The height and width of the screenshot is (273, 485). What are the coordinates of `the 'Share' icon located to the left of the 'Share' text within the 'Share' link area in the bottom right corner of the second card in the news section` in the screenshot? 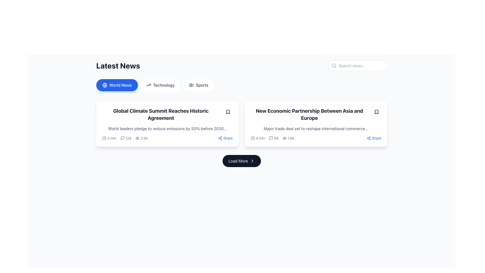 It's located at (220, 138).